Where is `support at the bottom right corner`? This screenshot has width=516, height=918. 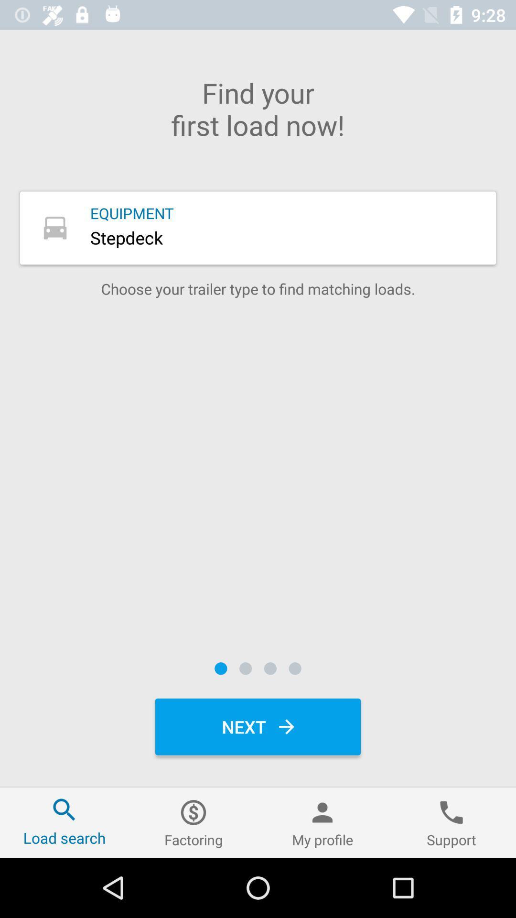
support at the bottom right corner is located at coordinates (451, 822).